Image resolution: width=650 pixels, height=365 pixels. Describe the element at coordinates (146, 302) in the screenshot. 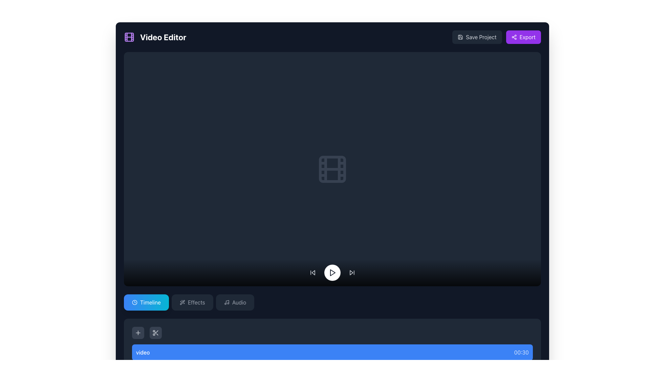

I see `the 'Timeline' button located at the bottom-left portion of the interface` at that location.